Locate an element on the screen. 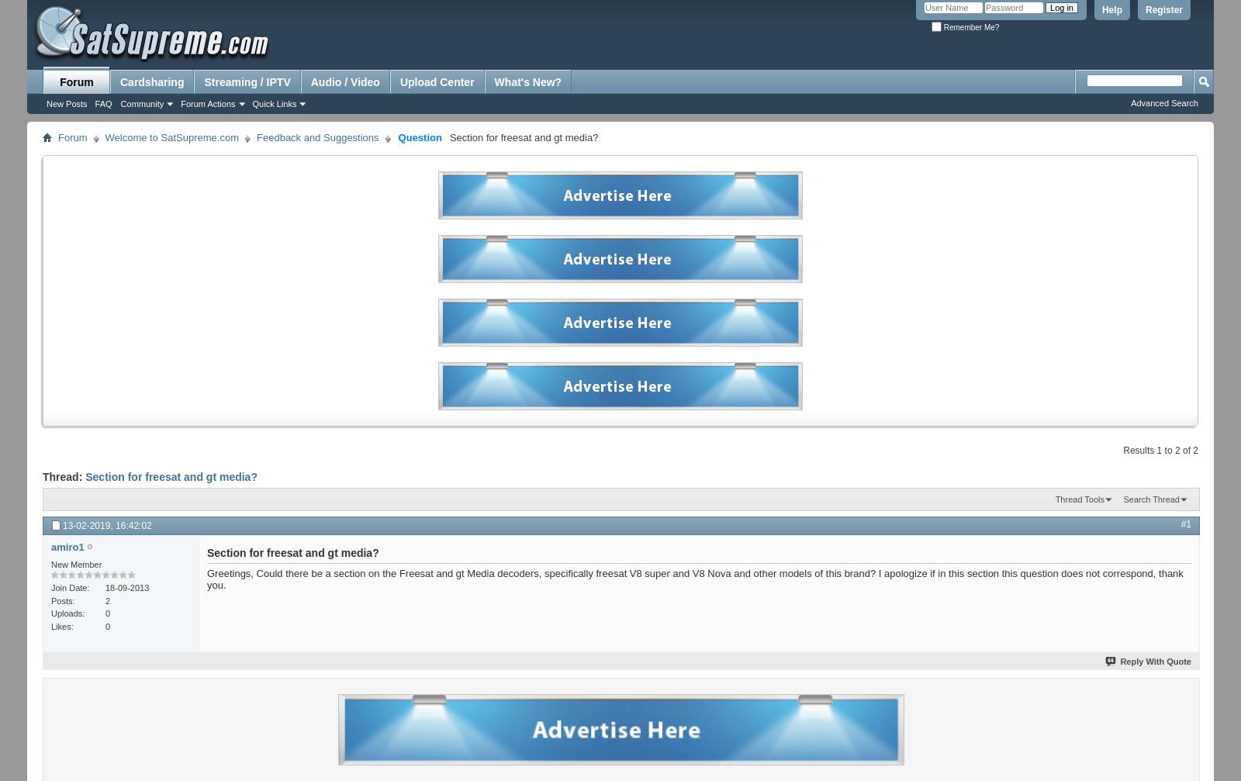 The image size is (1241, 781). 'Reply With Quote' is located at coordinates (1155, 661).